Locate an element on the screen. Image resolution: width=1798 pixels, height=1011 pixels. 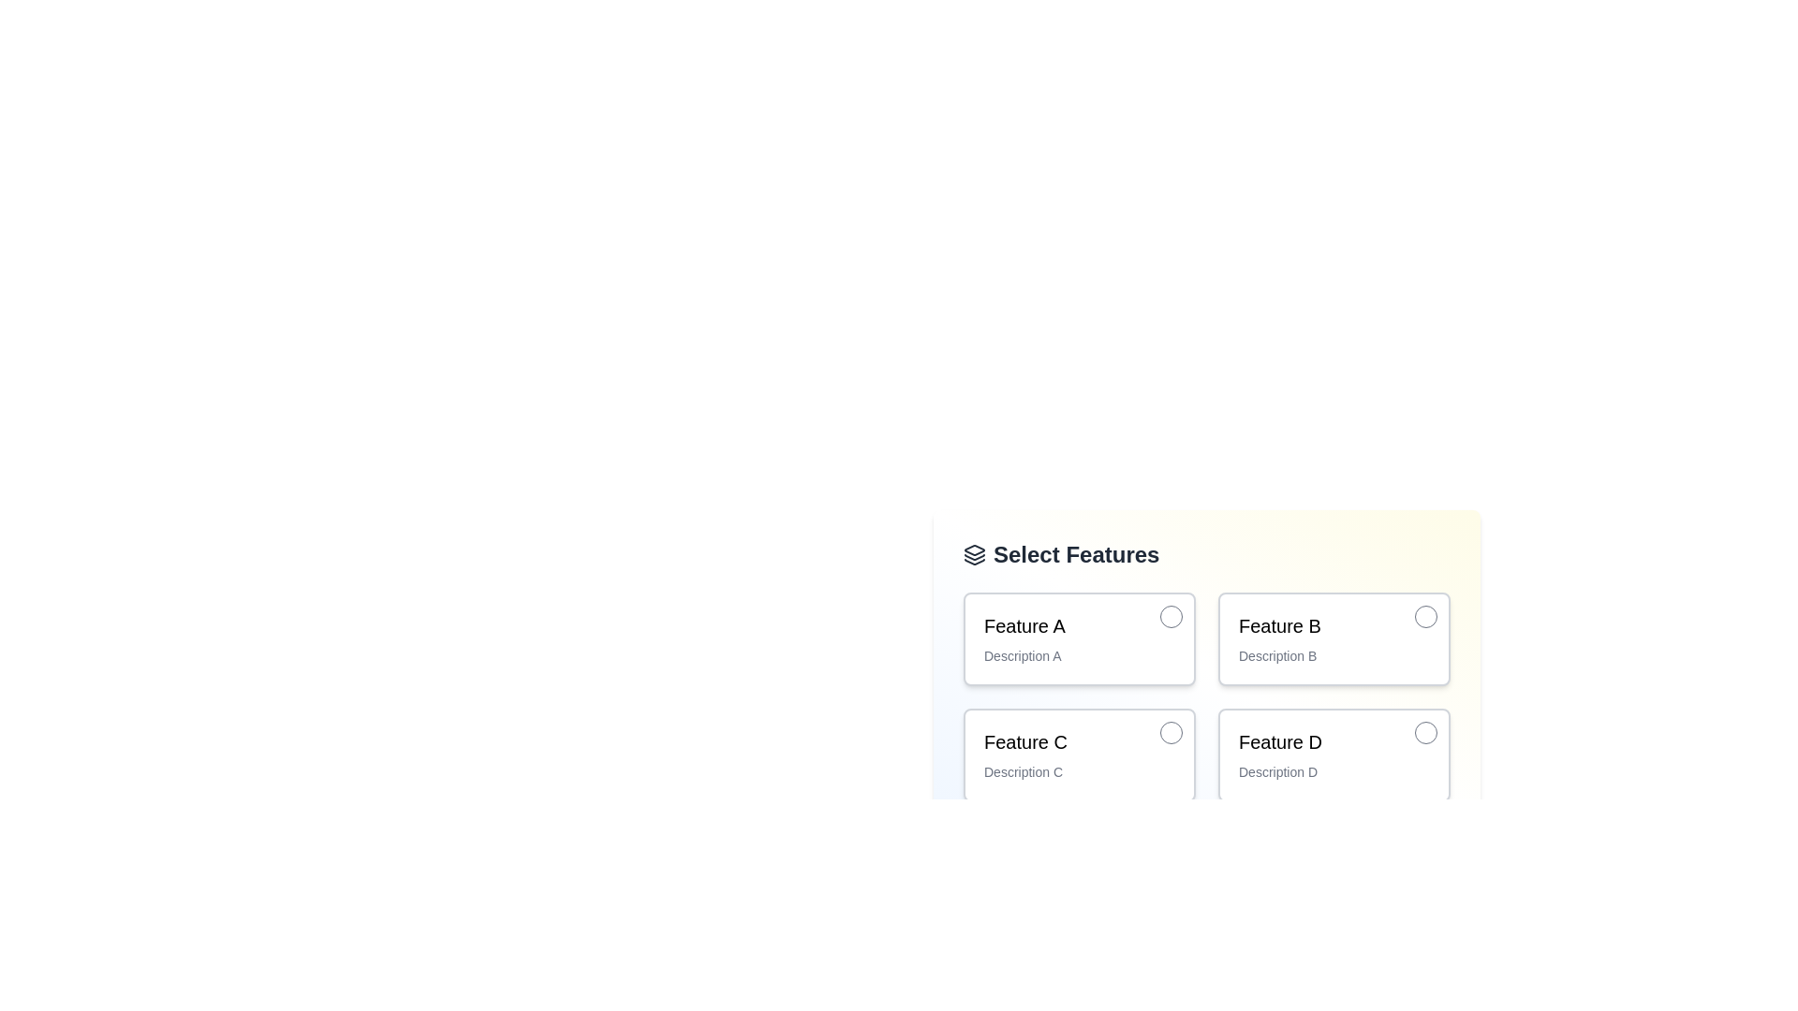
the small circular button with a white background located in the upper-right corner of the card labeled 'Feature D' for visual feedback is located at coordinates (1424, 732).